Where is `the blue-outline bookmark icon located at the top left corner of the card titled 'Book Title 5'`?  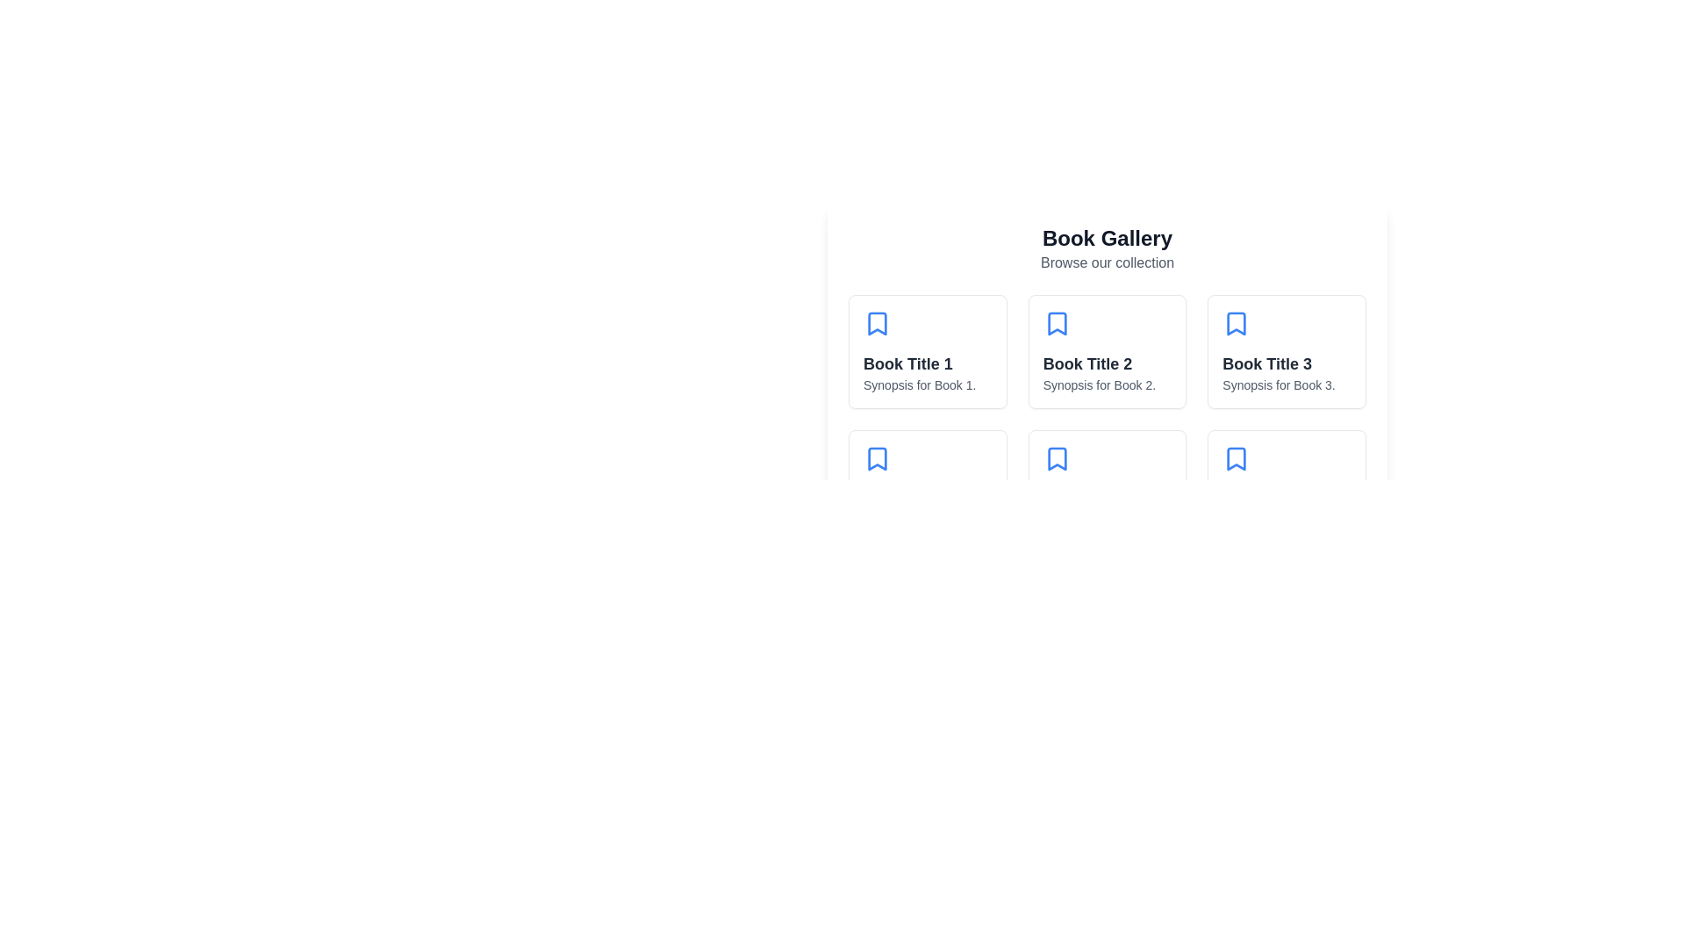
the blue-outline bookmark icon located at the top left corner of the card titled 'Book Title 5' is located at coordinates (1056, 458).